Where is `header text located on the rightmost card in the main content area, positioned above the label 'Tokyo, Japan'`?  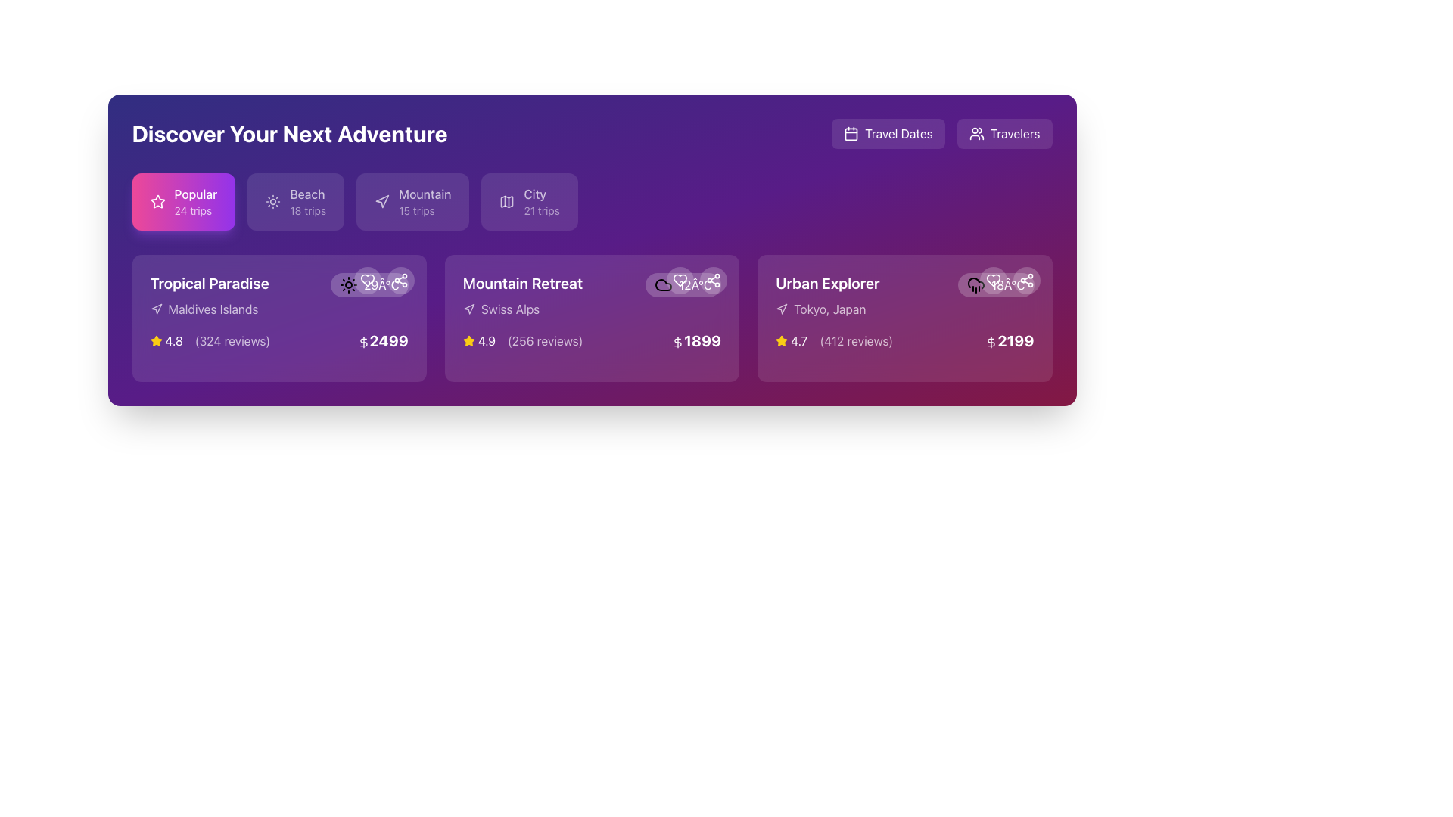
header text located on the rightmost card in the main content area, positioned above the label 'Tokyo, Japan' is located at coordinates (826, 283).